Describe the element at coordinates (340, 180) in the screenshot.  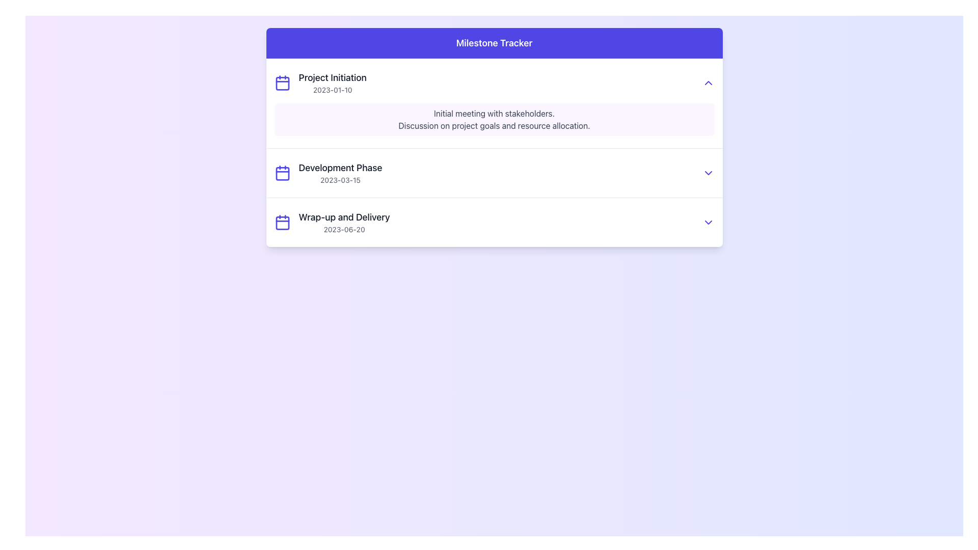
I see `the text label displaying the date '2023-03-15' located below 'Development Phase' in the Milestone Tracker section` at that location.